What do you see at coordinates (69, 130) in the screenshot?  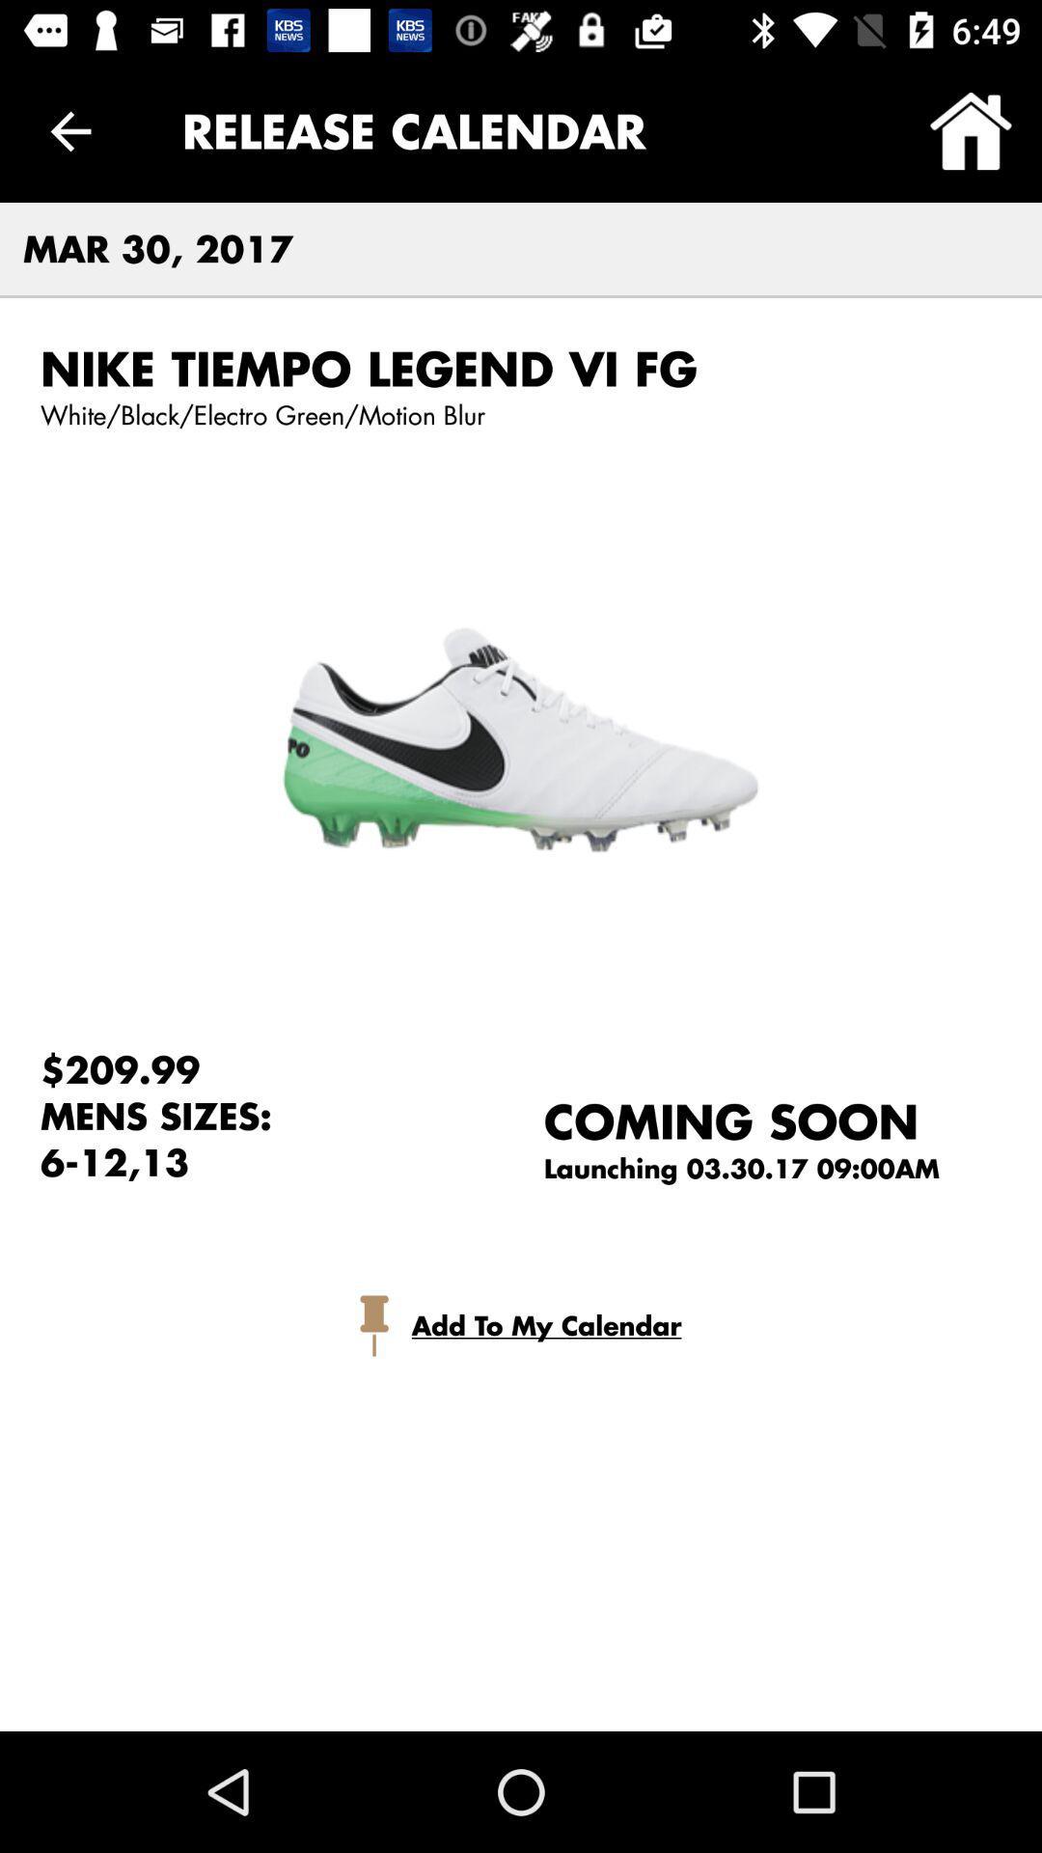 I see `the item above the mar 30, 2017 item` at bounding box center [69, 130].